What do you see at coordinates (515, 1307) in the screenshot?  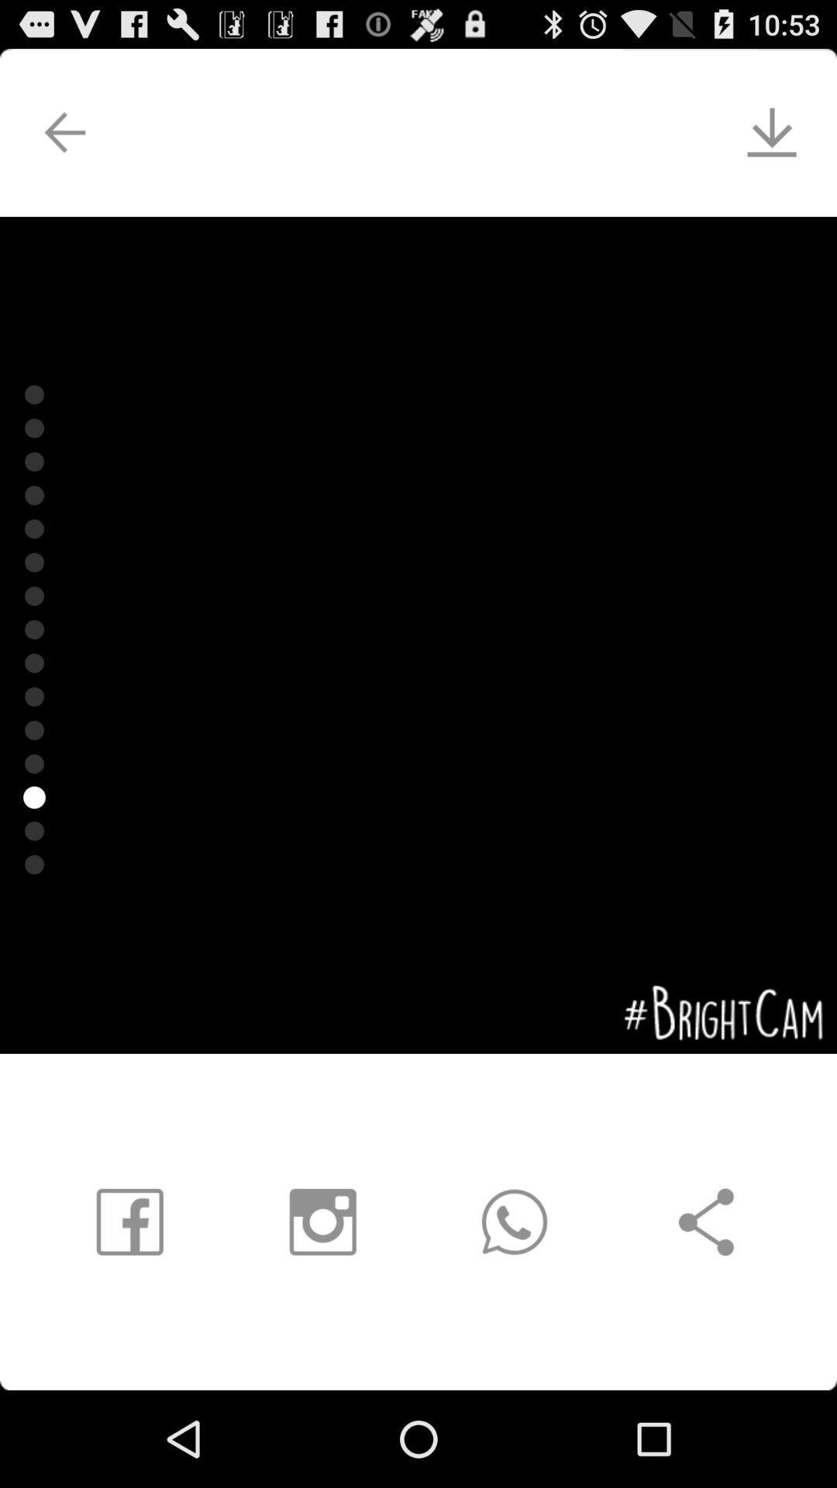 I see `the call icon` at bounding box center [515, 1307].